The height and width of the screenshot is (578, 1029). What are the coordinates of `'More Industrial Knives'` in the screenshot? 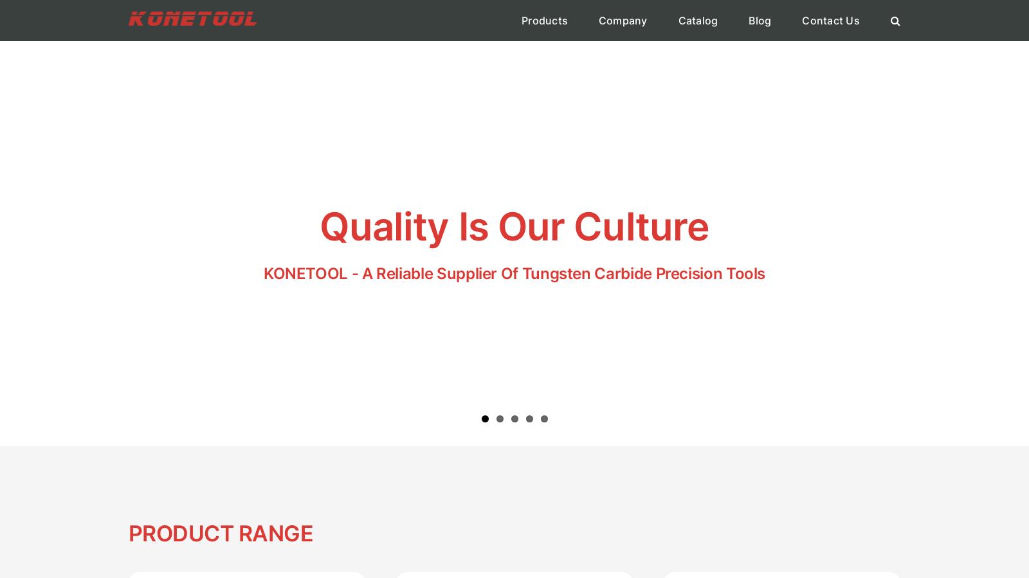 It's located at (399, 206).